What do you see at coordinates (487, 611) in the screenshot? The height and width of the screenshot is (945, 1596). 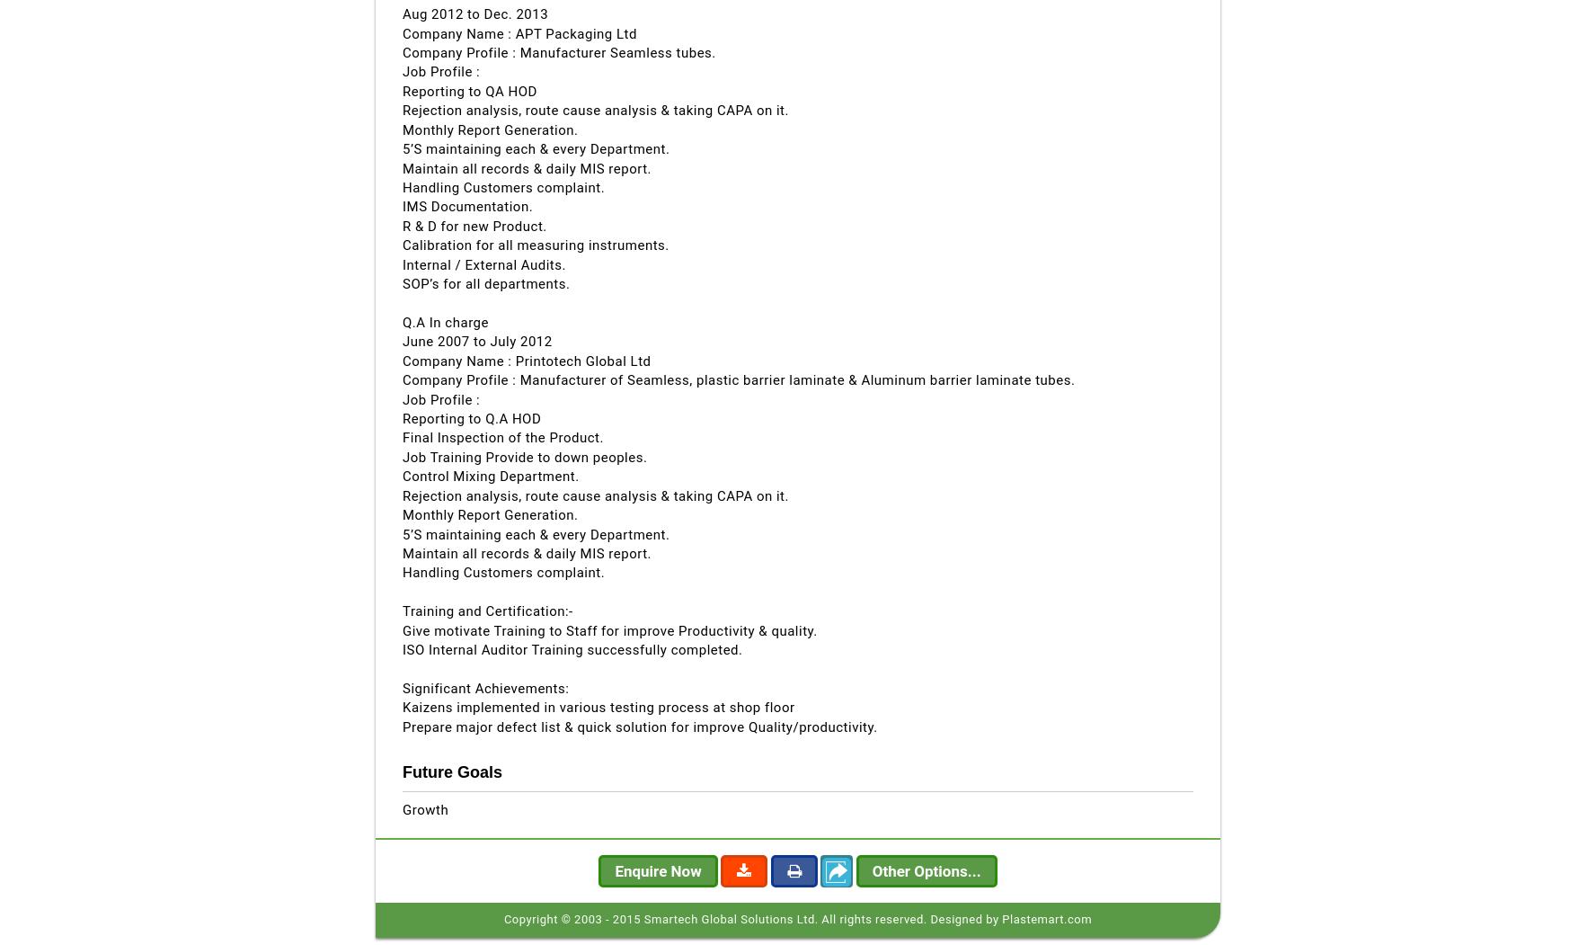 I see `'Training and Certification:-'` at bounding box center [487, 611].